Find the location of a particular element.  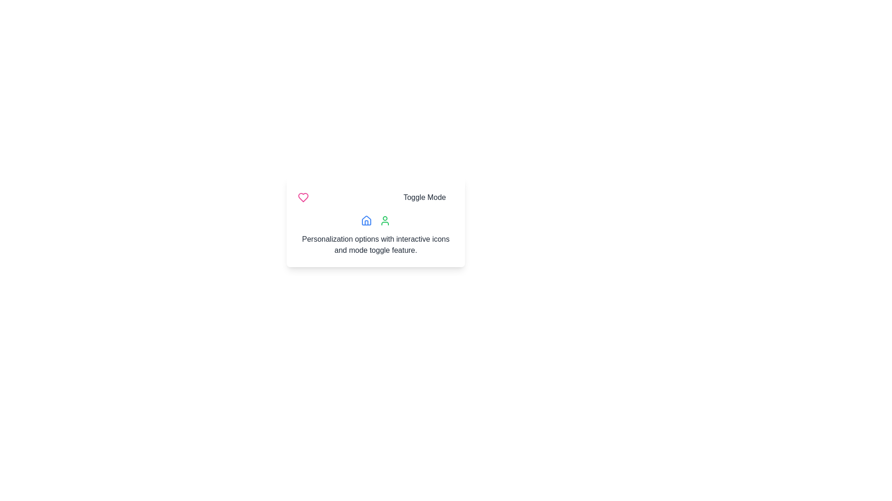

the styling of the roof within the house icon, which is characterized by its triangular shape and blue outlines, located centrally in a row of three icons is located at coordinates (366, 220).